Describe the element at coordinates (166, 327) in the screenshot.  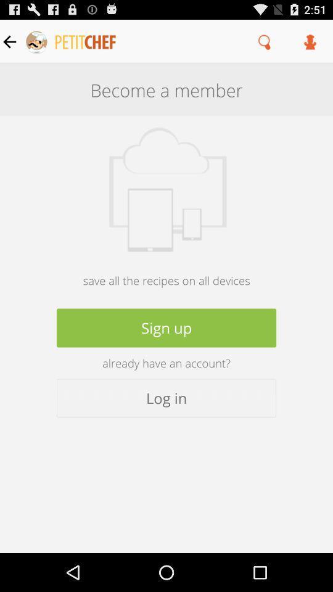
I see `the item below save all the icon` at that location.